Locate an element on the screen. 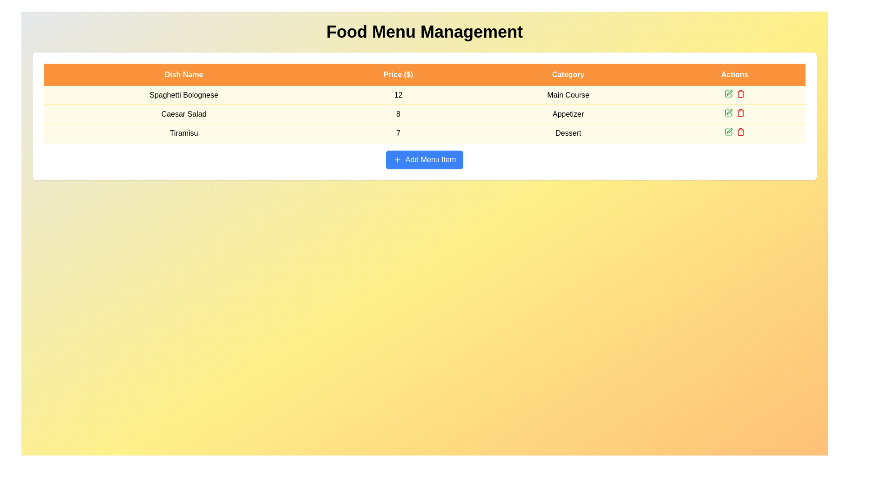 The image size is (894, 502). the blue 'Add Menu Item' button with a '+' icon, which is located centrally below the menu items table is located at coordinates (424, 159).